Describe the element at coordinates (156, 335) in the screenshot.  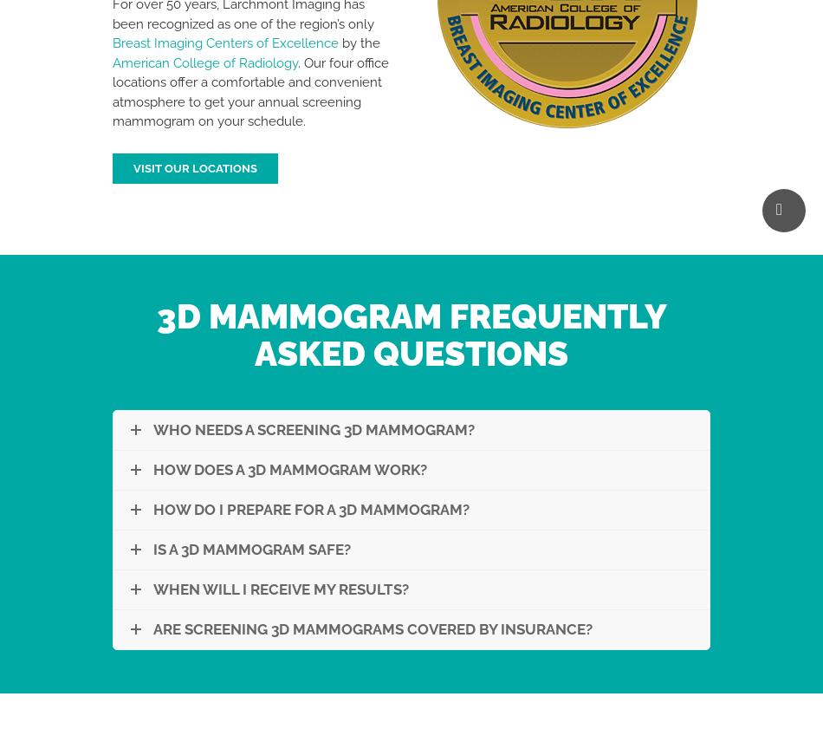
I see `'3D Mammogram Frequently Asked Questions'` at that location.